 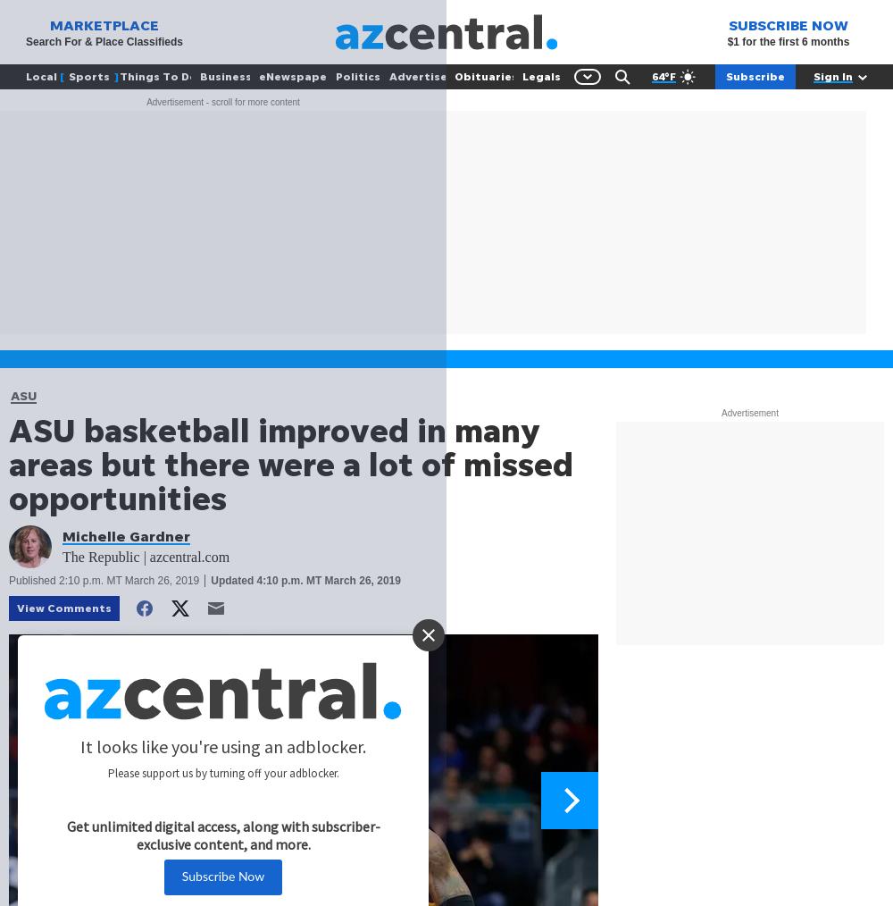 What do you see at coordinates (540, 75) in the screenshot?
I see `'Legals'` at bounding box center [540, 75].